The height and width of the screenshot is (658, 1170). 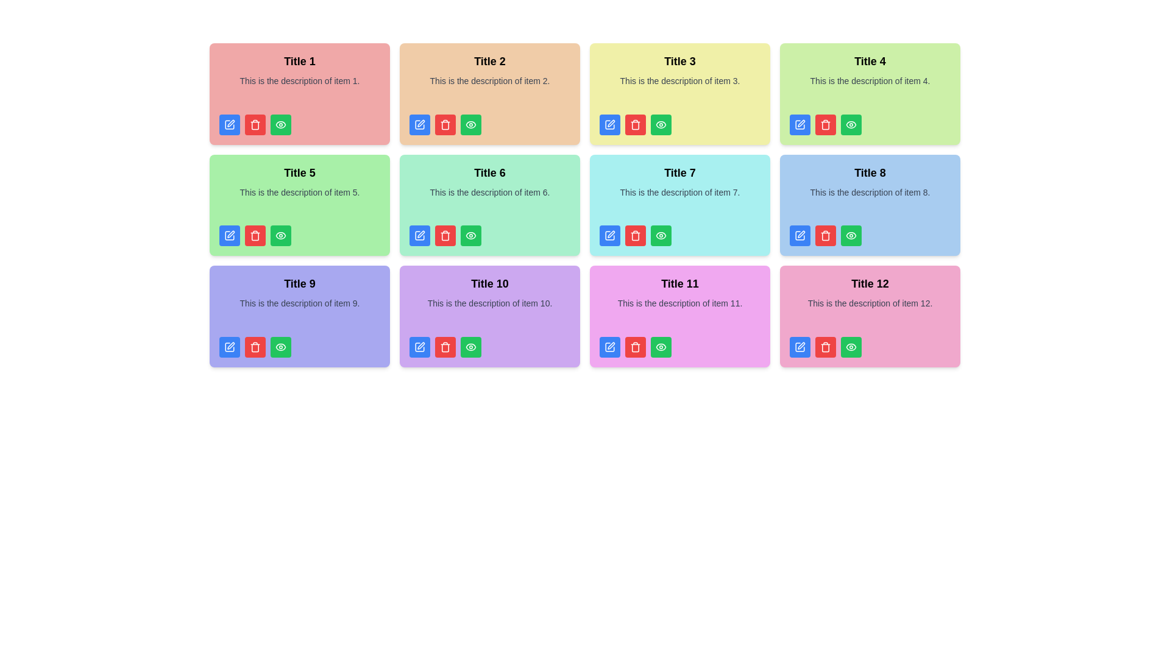 I want to click on the edit icon-button located in the lower left corner of the card titled 'Title 9' to initiate the edit action, so click(x=230, y=347).